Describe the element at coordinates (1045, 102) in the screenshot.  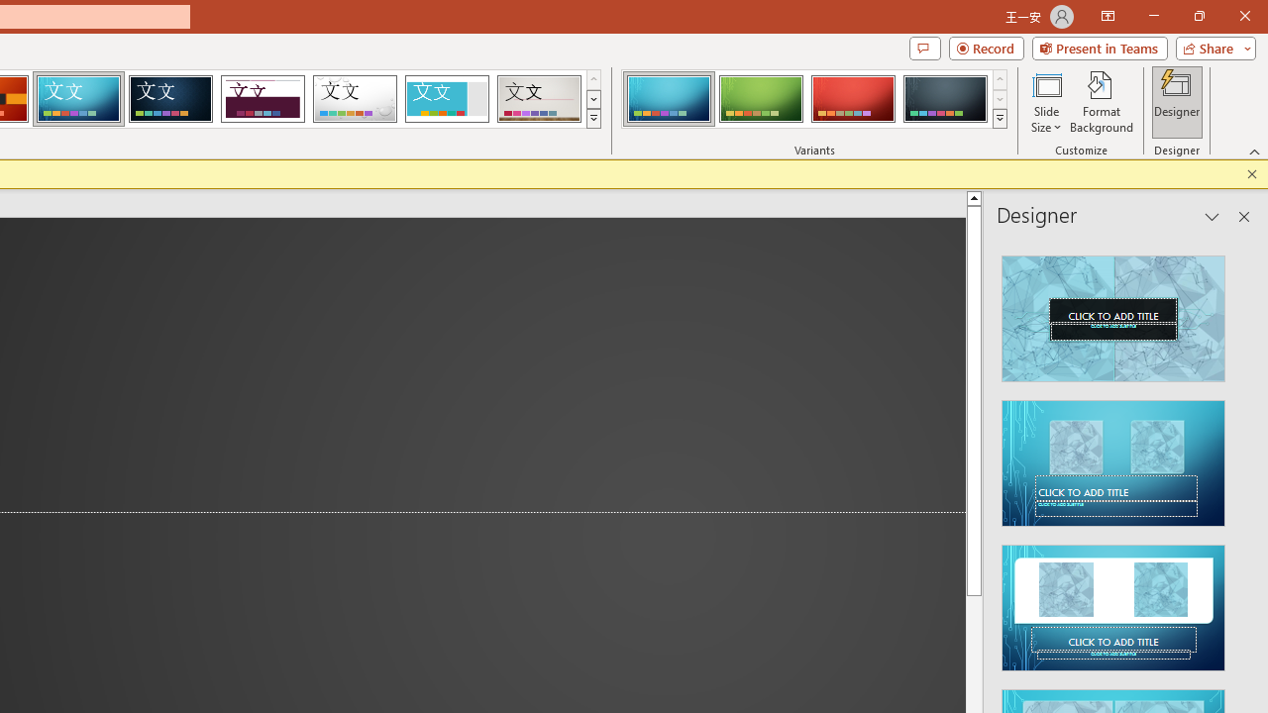
I see `'Slide Size'` at that location.